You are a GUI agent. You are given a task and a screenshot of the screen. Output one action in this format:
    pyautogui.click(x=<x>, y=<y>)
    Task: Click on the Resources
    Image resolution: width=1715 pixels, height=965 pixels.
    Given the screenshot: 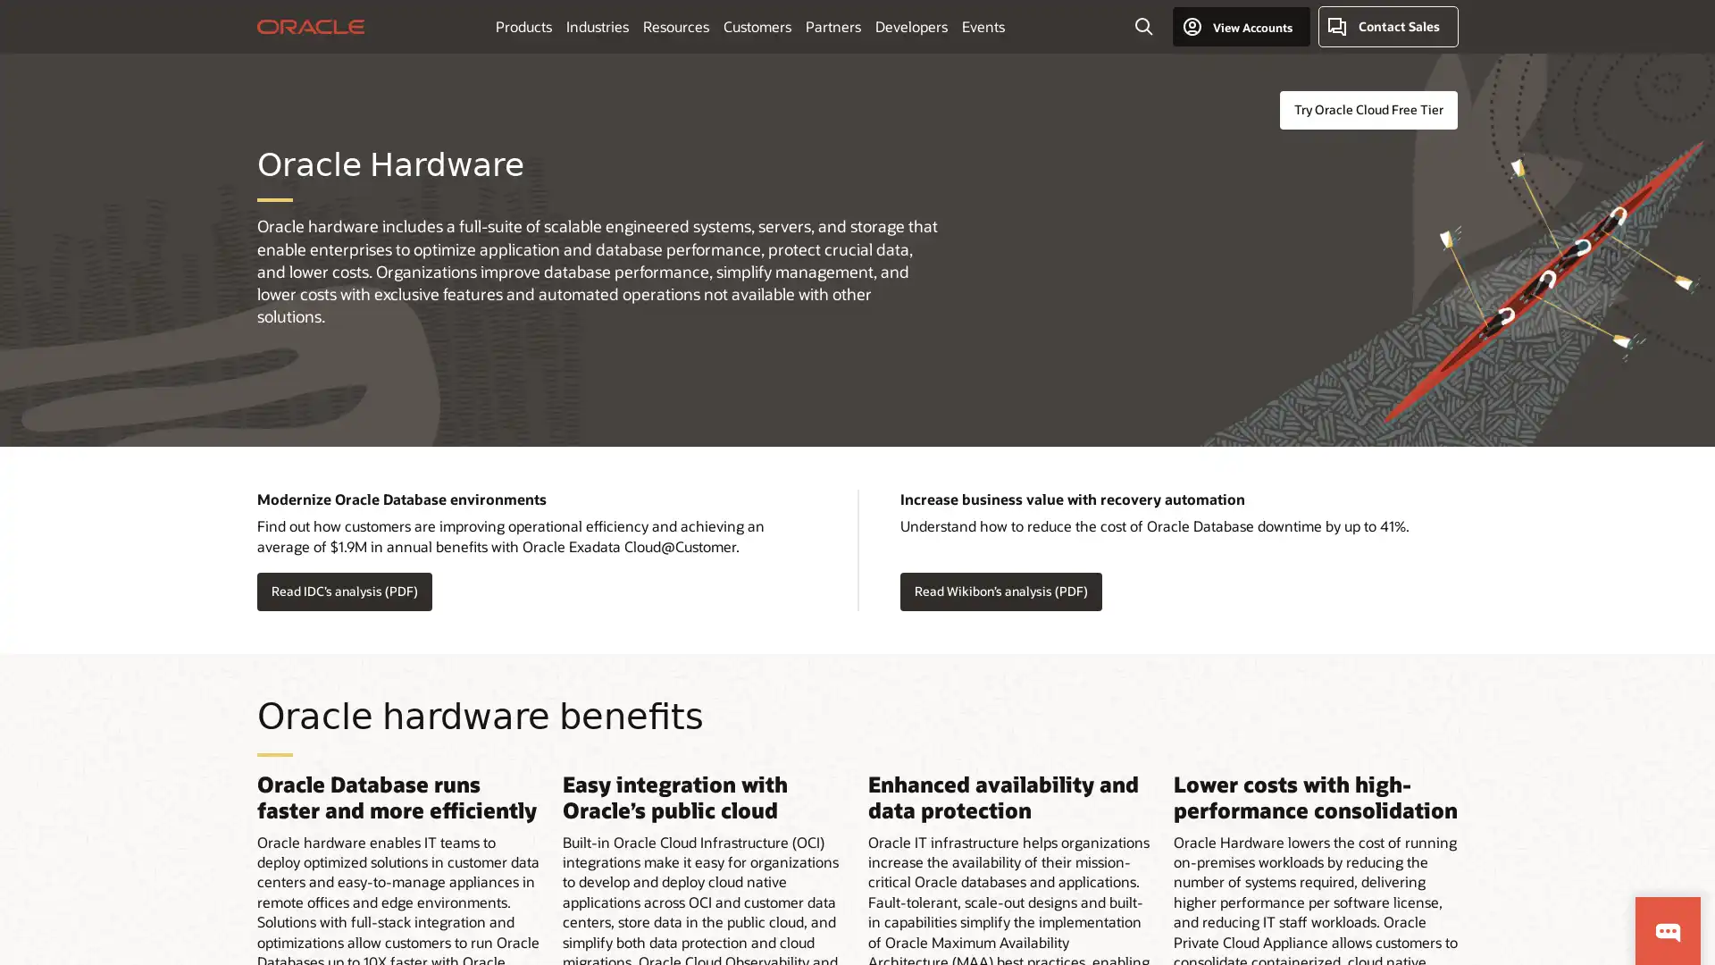 What is the action you would take?
    pyautogui.click(x=673, y=26)
    